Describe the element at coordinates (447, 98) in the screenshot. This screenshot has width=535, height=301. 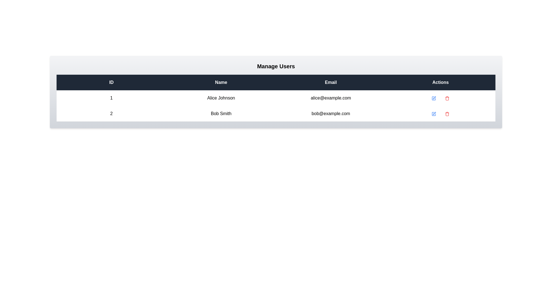
I see `'Trash' icon for the user with ID 1` at that location.